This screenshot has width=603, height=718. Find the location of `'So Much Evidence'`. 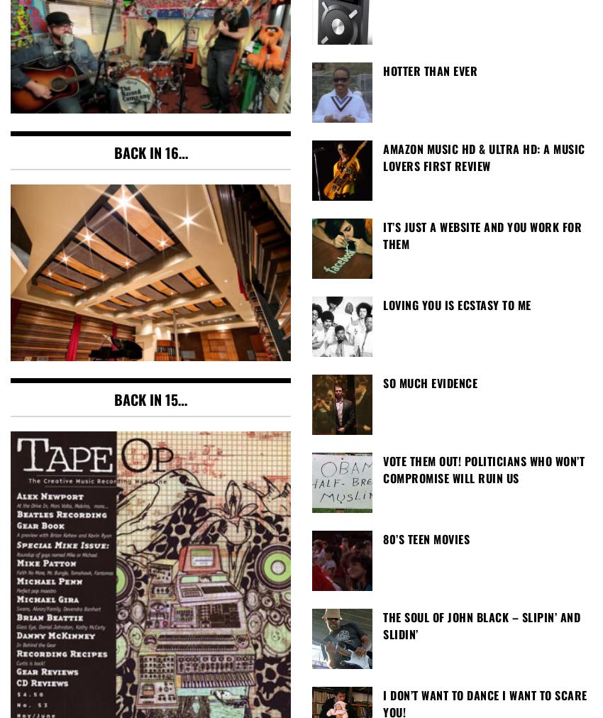

'So Much Evidence' is located at coordinates (382, 381).